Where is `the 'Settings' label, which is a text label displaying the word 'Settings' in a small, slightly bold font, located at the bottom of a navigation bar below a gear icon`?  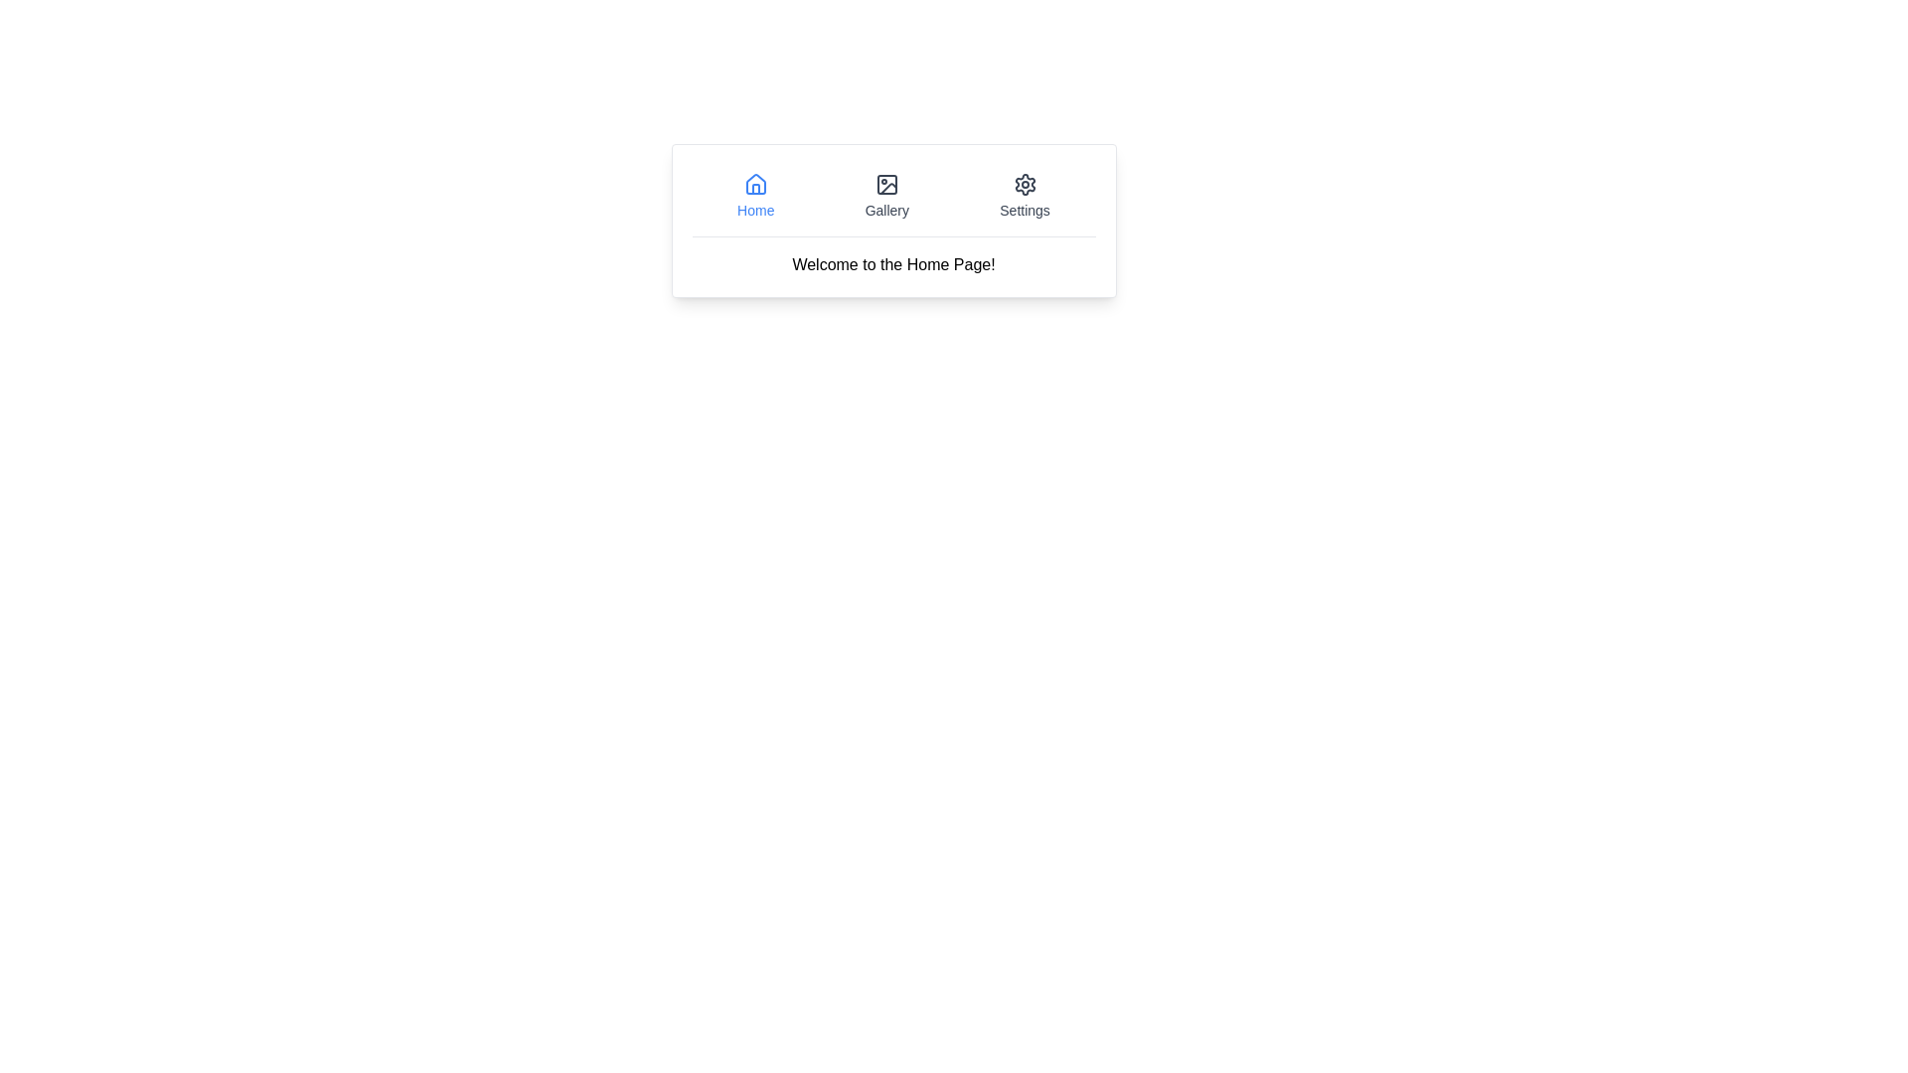 the 'Settings' label, which is a text label displaying the word 'Settings' in a small, slightly bold font, located at the bottom of a navigation bar below a gear icon is located at coordinates (1025, 211).